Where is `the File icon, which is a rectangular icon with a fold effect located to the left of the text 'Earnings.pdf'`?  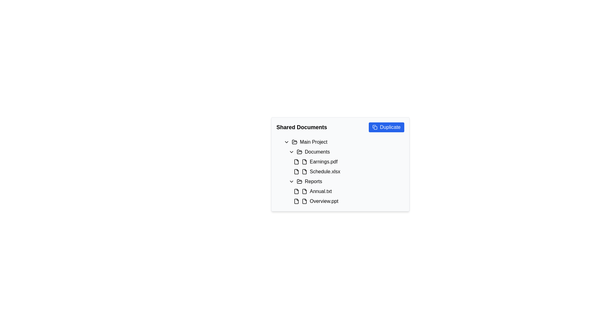
the File icon, which is a rectangular icon with a fold effect located to the left of the text 'Earnings.pdf' is located at coordinates (304, 161).